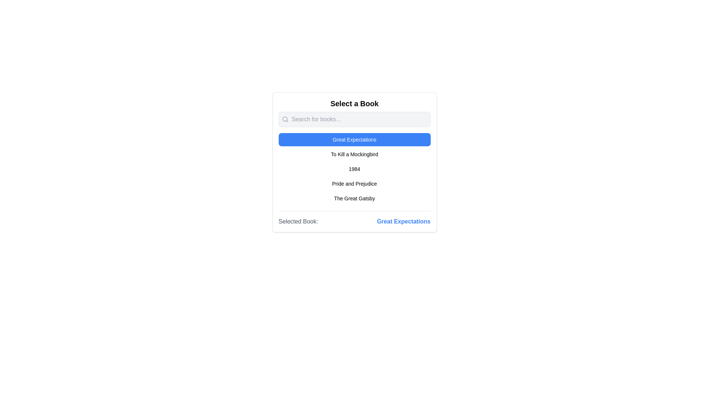 This screenshot has height=397, width=705. Describe the element at coordinates (285, 119) in the screenshot. I see `the SVG Circle that is part of the search icon located inside the input field labeled 'Search for books...' near the top of the interface` at that location.